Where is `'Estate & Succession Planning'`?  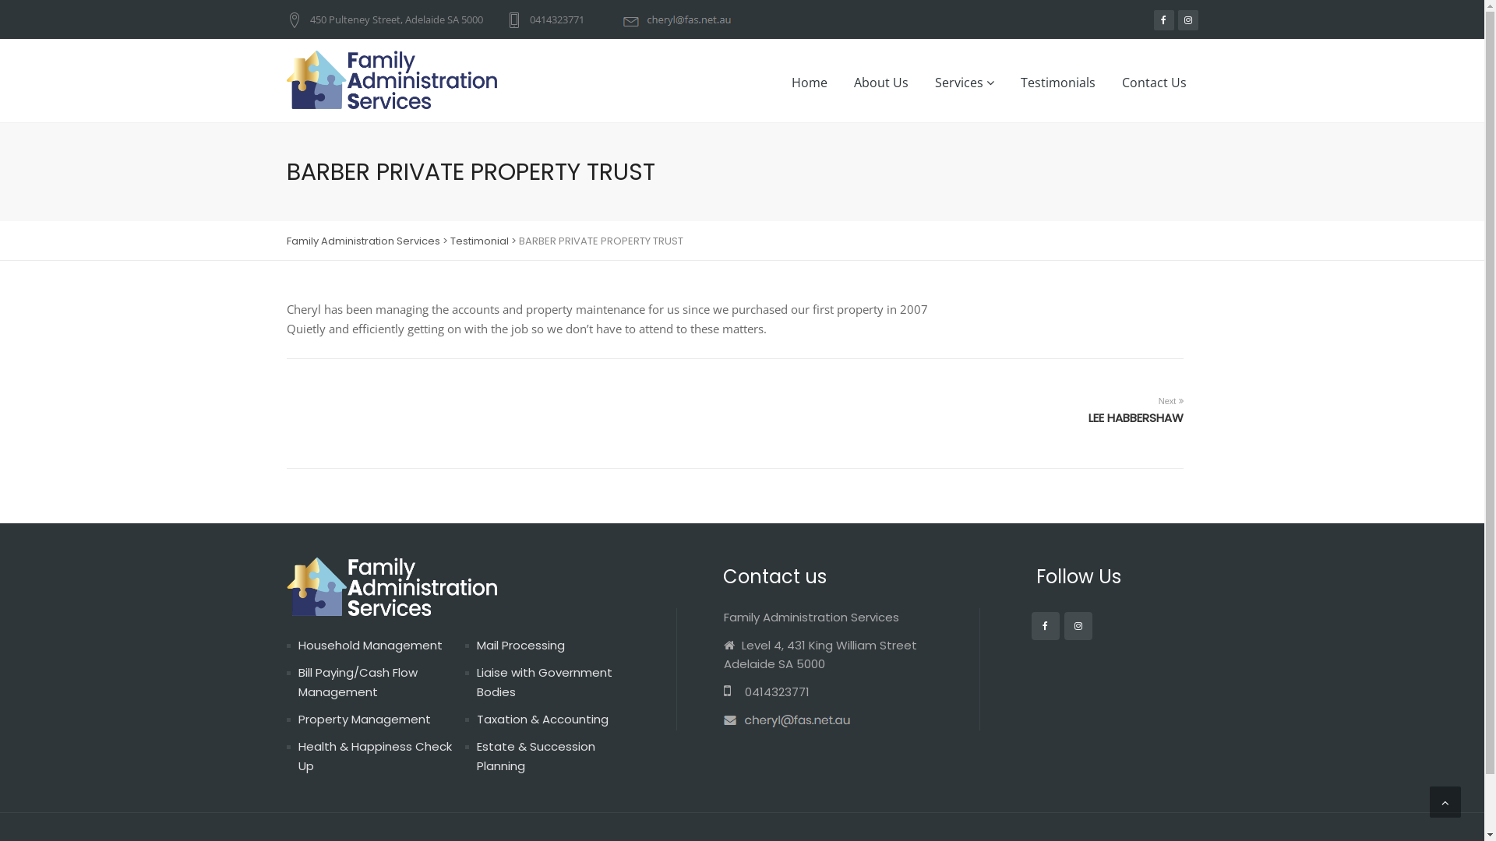 'Estate & Succession Planning' is located at coordinates (535, 755).